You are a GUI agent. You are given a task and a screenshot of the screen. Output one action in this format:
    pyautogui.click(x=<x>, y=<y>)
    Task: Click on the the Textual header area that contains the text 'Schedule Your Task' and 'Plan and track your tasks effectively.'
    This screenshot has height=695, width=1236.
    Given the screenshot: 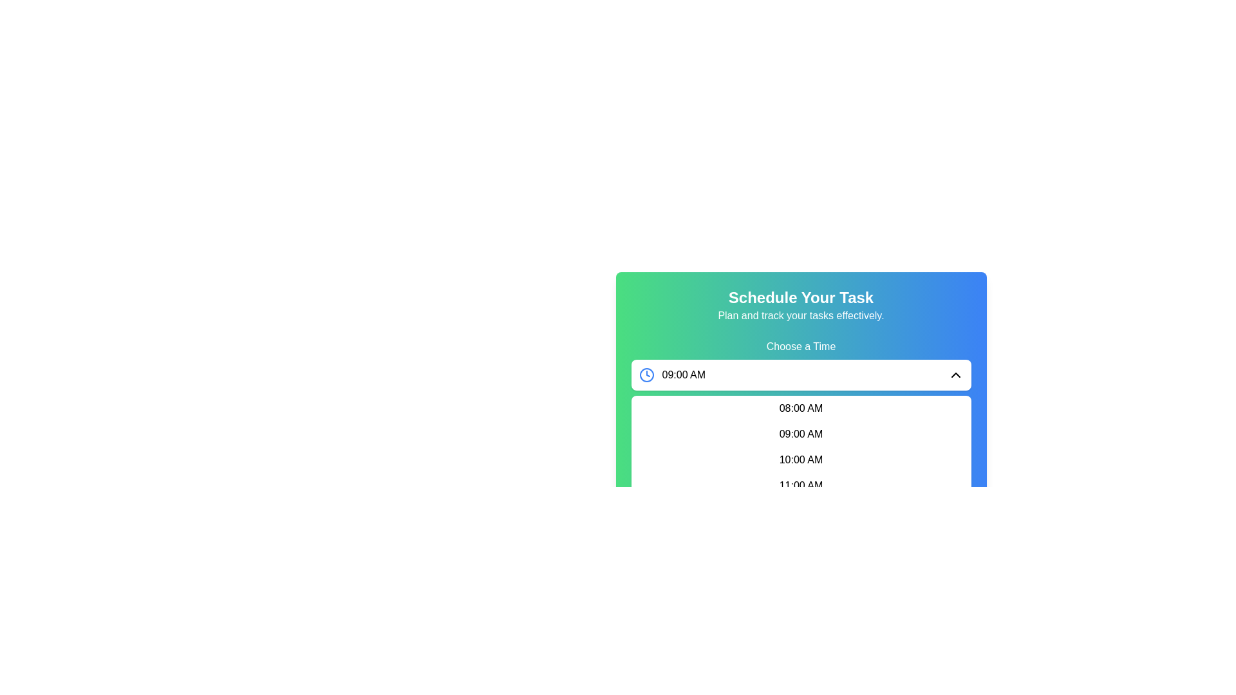 What is the action you would take?
    pyautogui.click(x=800, y=305)
    